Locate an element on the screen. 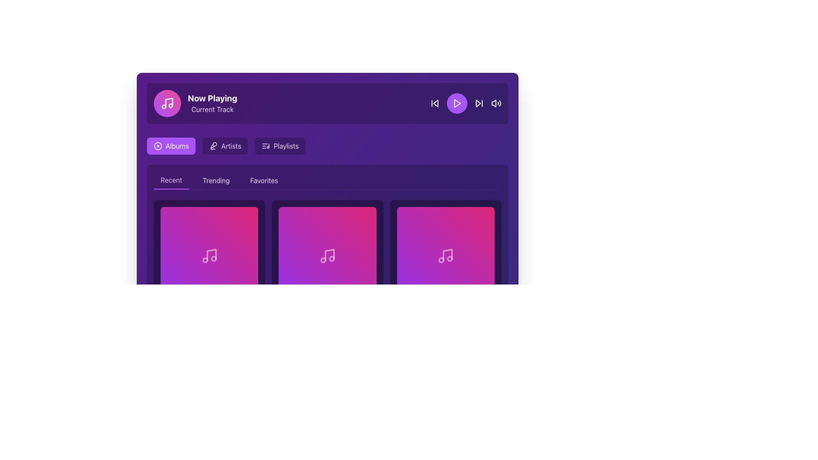 The height and width of the screenshot is (460, 818). the 'Trending' navigation button, which is the second button in a horizontal layout of three labels ('Recent', 'Trending', 'Favorites') is located at coordinates (216, 180).